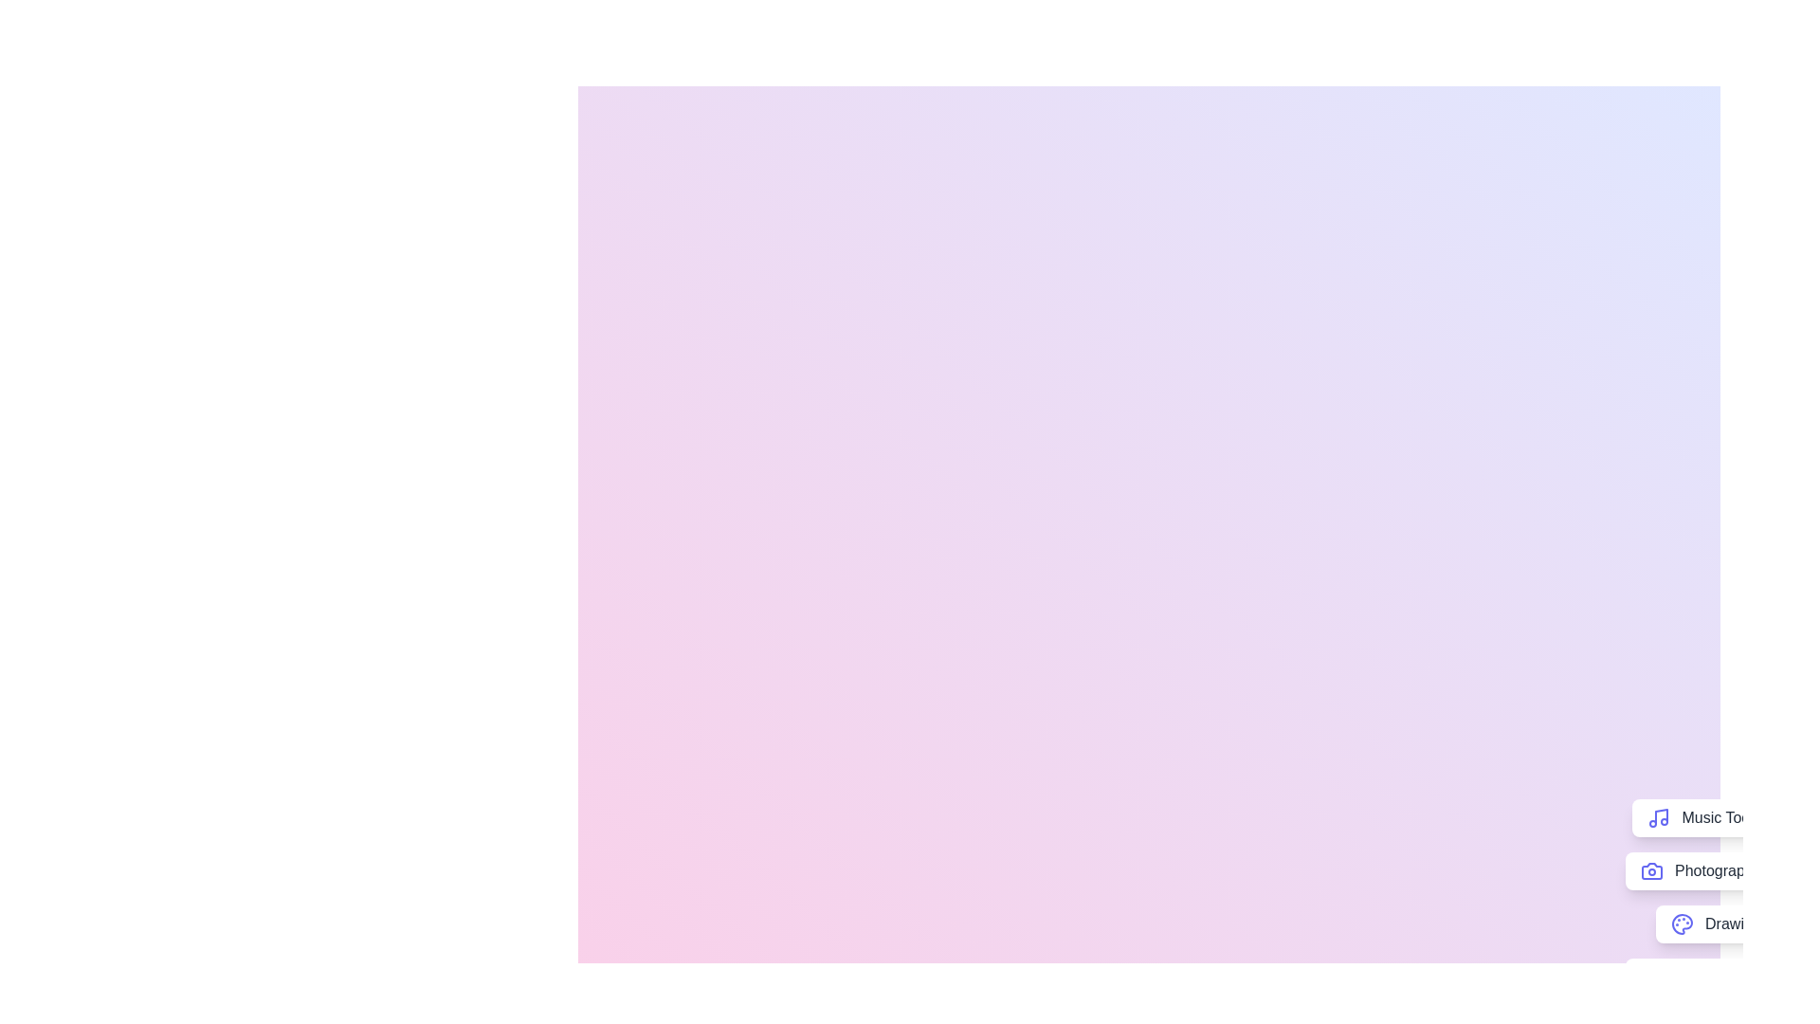 The image size is (1820, 1024). I want to click on the 'Music Tools' button to access music-related tools, so click(1704, 817).